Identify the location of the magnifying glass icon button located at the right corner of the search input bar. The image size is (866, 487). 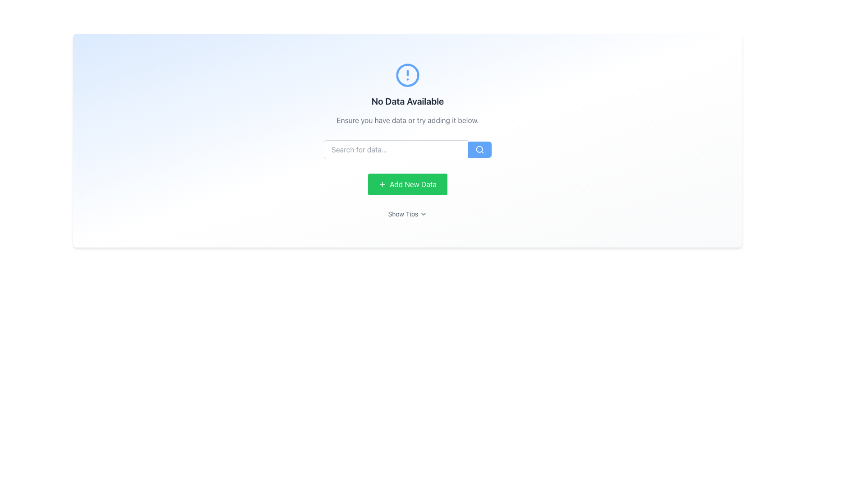
(479, 149).